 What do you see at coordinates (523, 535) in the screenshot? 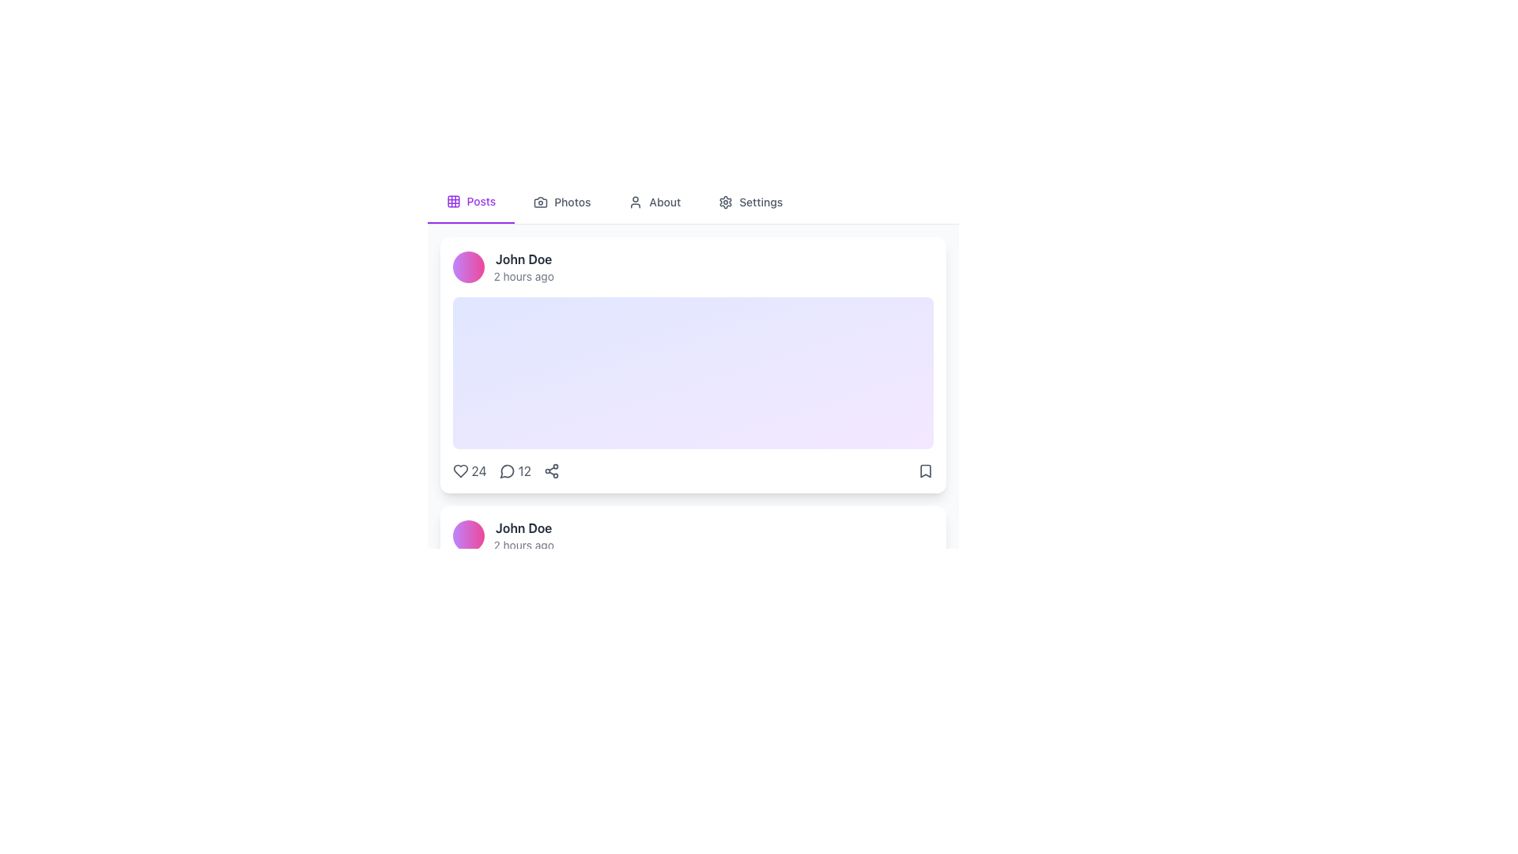
I see `the text block that identifies the user ('John Doe') and provides the timestamp ('2 hours ago') above the post content` at bounding box center [523, 535].